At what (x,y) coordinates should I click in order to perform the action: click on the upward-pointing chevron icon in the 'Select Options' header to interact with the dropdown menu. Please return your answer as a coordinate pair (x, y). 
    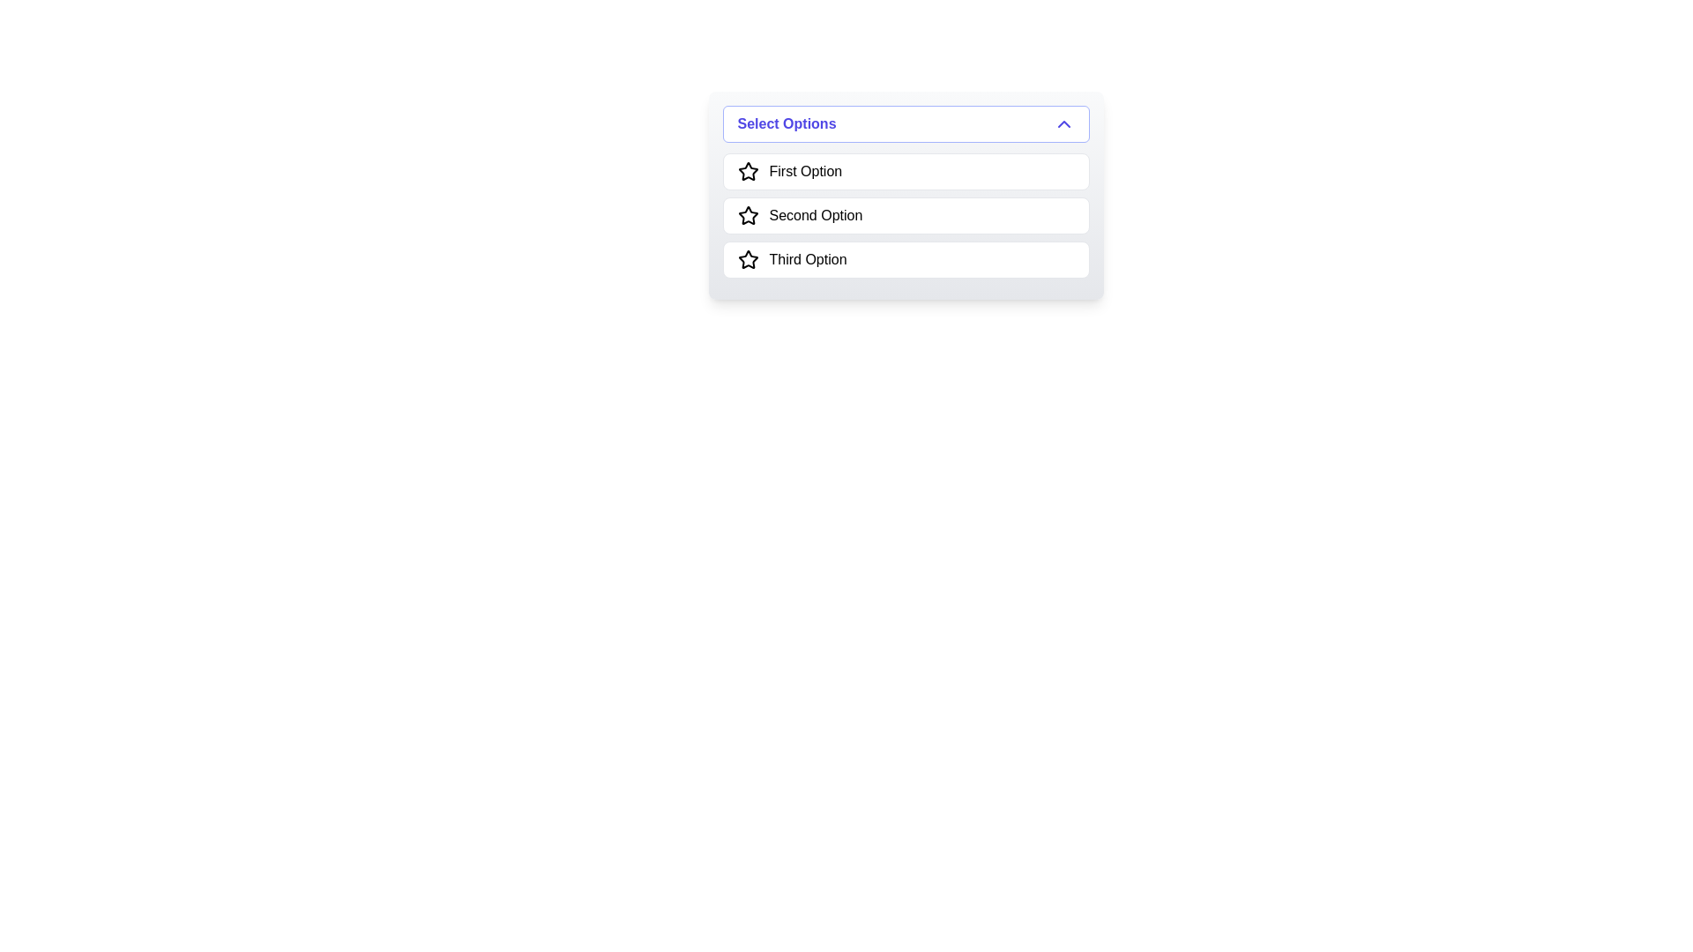
    Looking at the image, I should click on (1063, 123).